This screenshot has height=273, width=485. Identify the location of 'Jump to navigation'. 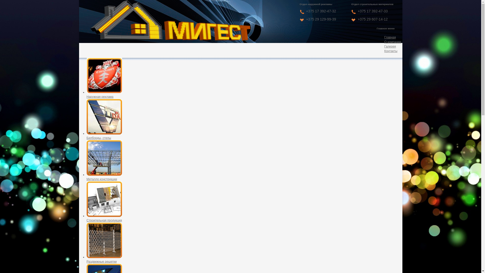
(240, 1).